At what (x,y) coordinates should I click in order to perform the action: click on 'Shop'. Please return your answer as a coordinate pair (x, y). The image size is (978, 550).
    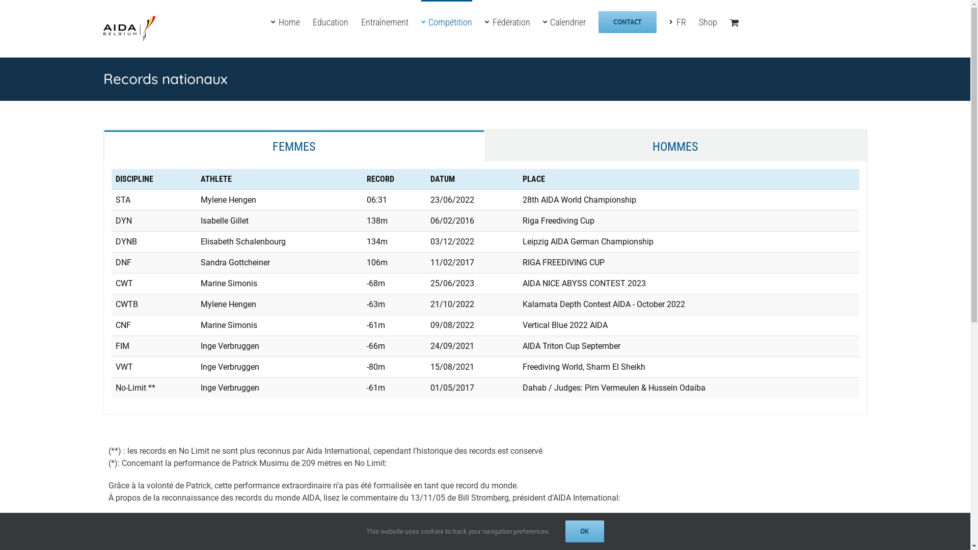
    Looking at the image, I should click on (708, 21).